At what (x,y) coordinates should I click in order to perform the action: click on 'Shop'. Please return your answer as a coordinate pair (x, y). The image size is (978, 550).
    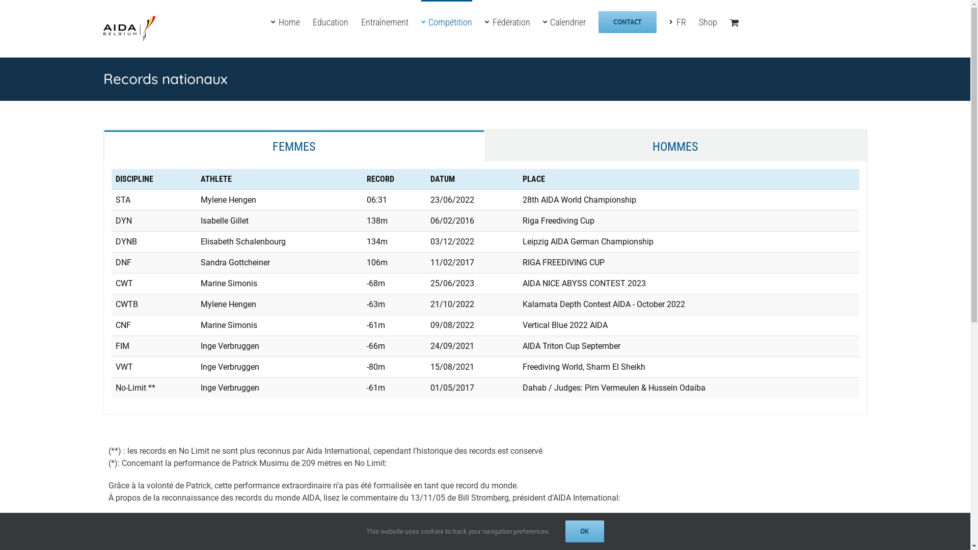
    Looking at the image, I should click on (708, 21).